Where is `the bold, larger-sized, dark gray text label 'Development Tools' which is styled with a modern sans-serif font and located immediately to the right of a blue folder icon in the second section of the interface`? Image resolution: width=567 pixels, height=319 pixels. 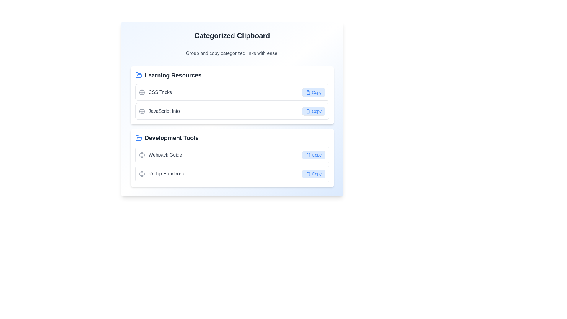 the bold, larger-sized, dark gray text label 'Development Tools' which is styled with a modern sans-serif font and located immediately to the right of a blue folder icon in the second section of the interface is located at coordinates (171, 138).